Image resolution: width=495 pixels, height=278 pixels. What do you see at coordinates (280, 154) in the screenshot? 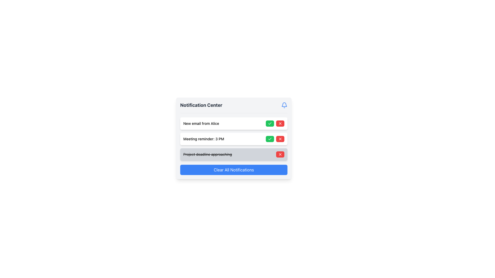
I see `the close icon located within the red button of the third notification row for the 'Project deadline approaching' notification` at bounding box center [280, 154].